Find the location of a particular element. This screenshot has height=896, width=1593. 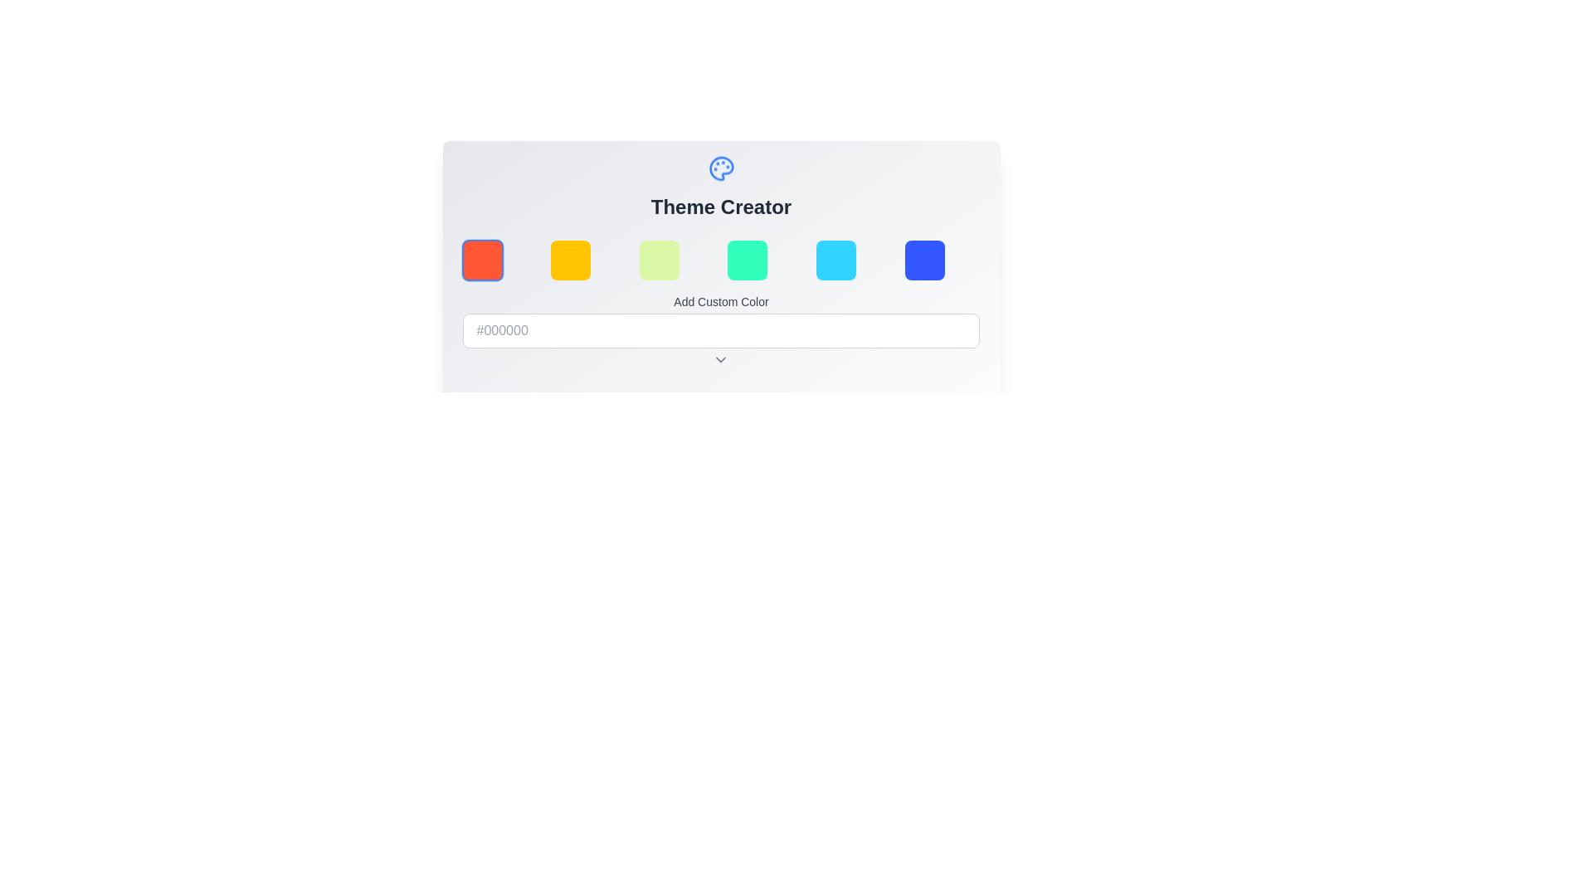

in the textbox labeled 'Add Custom Color' to type a color code is located at coordinates (721, 341).